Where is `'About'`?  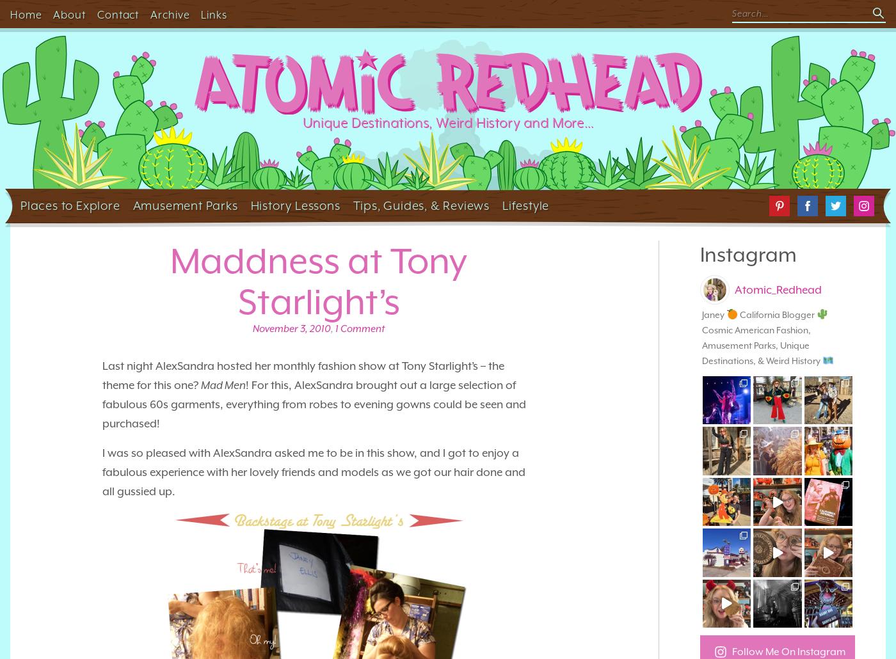 'About' is located at coordinates (53, 15).